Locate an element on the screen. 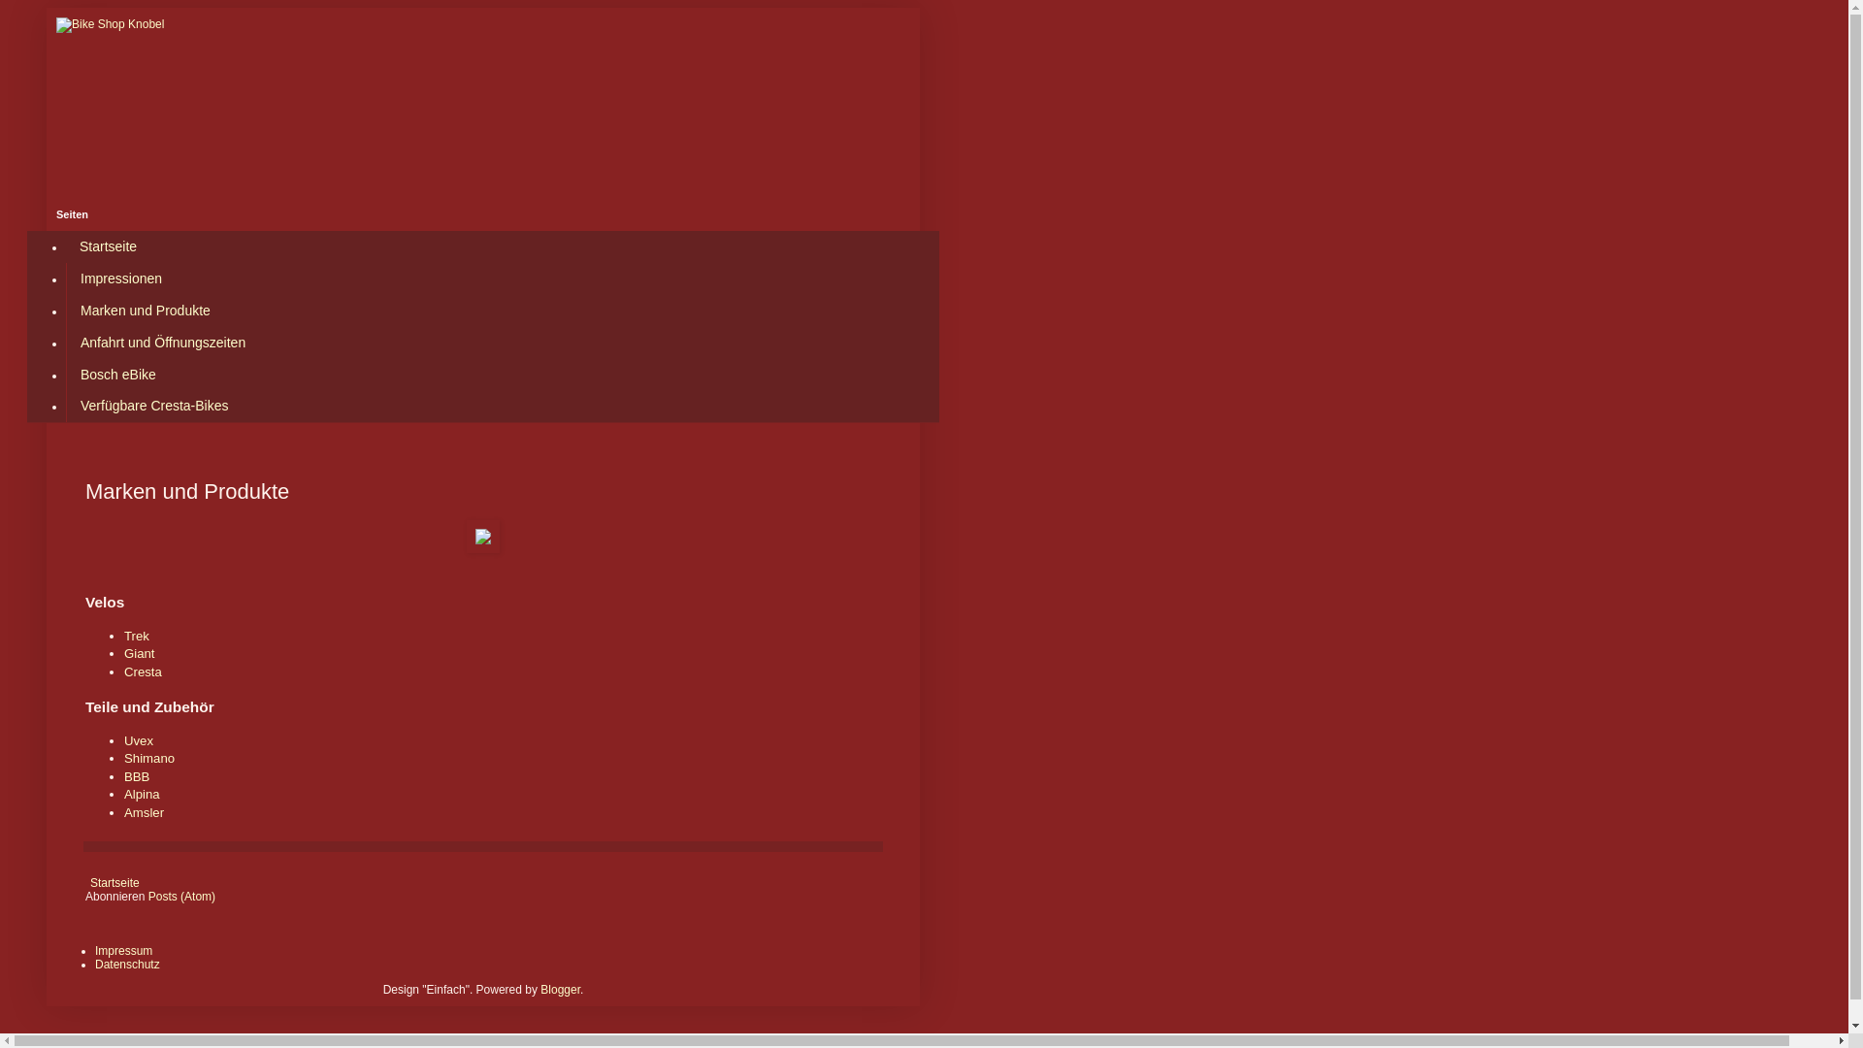  'Giant' is located at coordinates (139, 653).